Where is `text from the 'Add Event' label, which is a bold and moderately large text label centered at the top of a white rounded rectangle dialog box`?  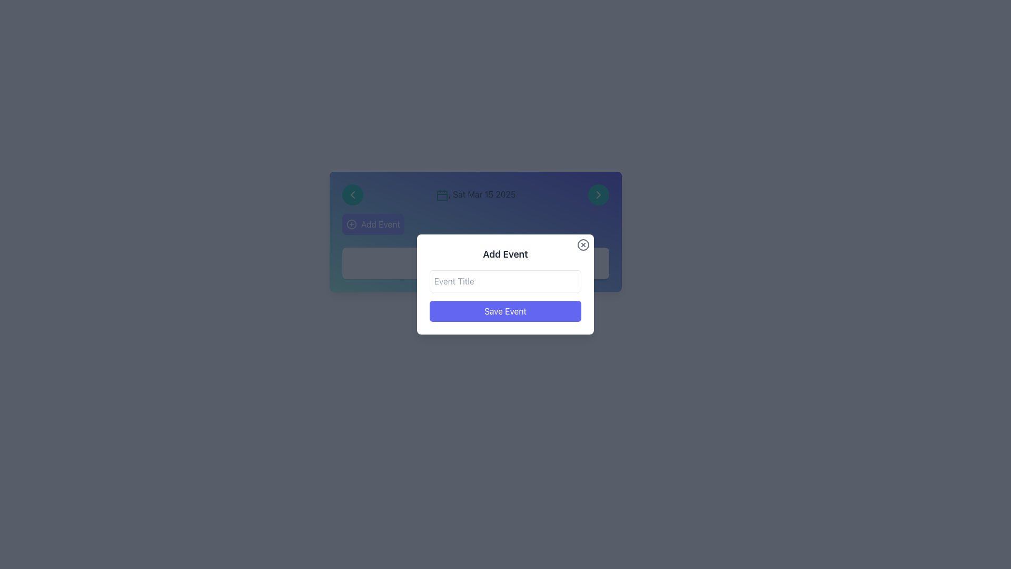
text from the 'Add Event' label, which is a bold and moderately large text label centered at the top of a white rounded rectangle dialog box is located at coordinates (506, 254).